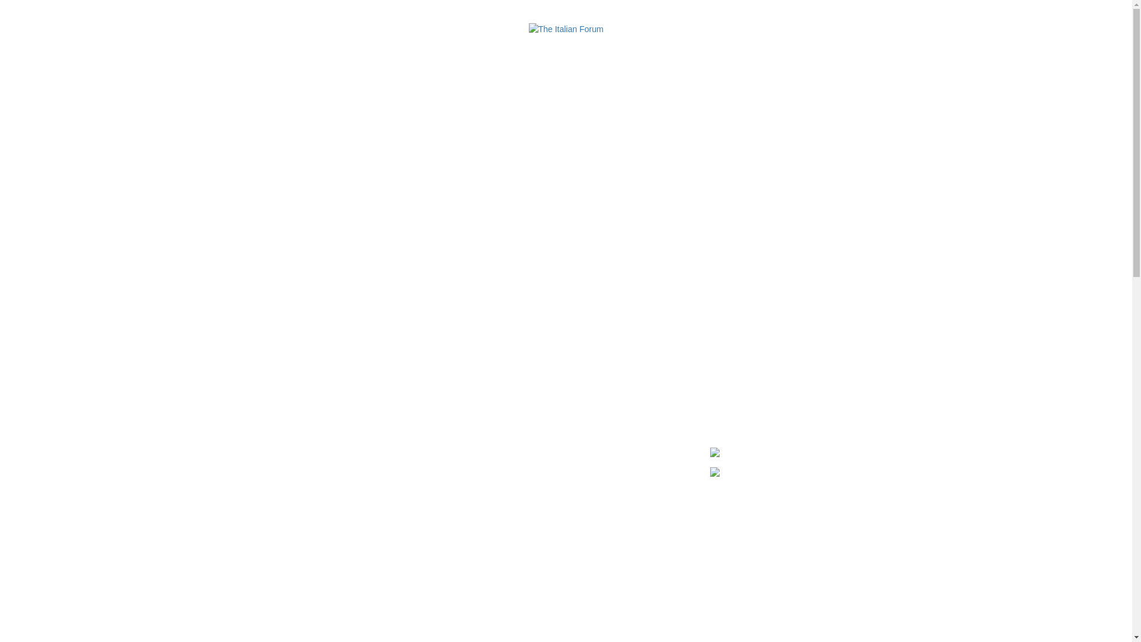 This screenshot has width=1141, height=642. I want to click on 'DIRECTORY', so click(408, 37).